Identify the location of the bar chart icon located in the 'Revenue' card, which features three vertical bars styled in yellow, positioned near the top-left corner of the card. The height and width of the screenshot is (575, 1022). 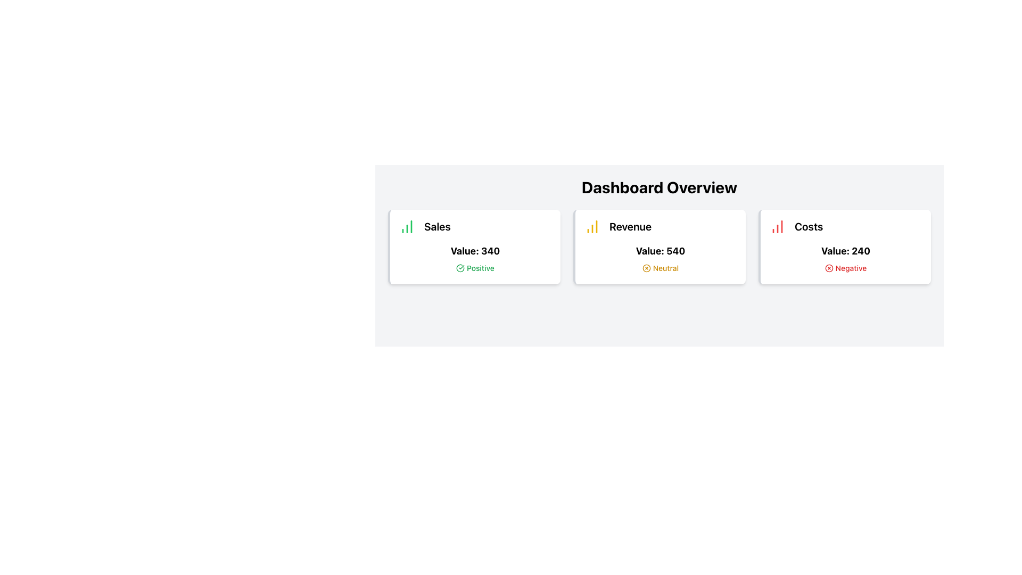
(592, 226).